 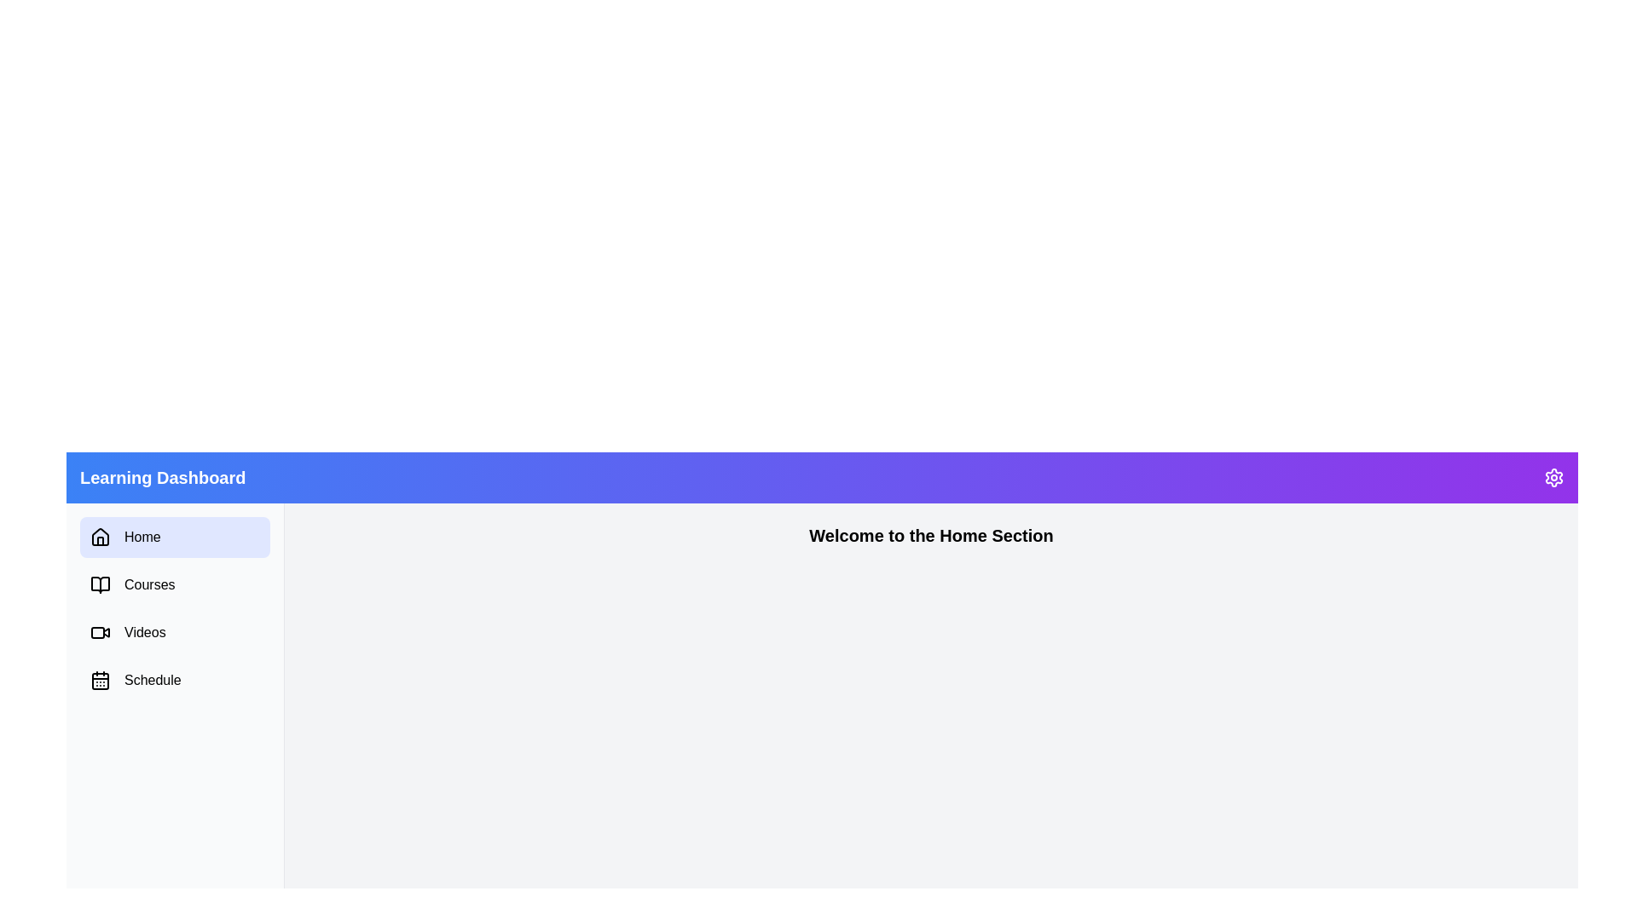 I want to click on the settings icon button located in the top-right corner of the navigation bar labeled 'Learning Dashboard', so click(x=1554, y=477).